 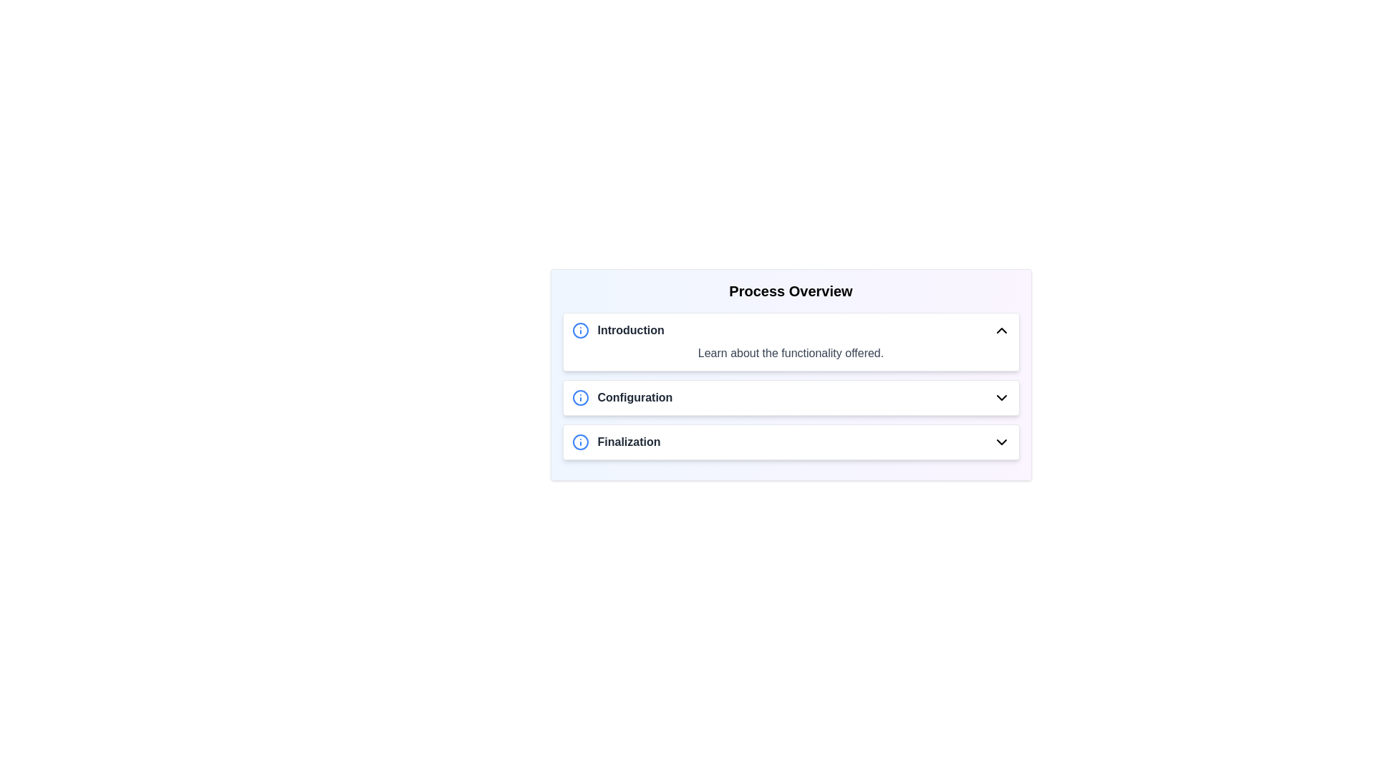 I want to click on the down-facing chevron icon on the right end of the 'Finalization' bar, so click(x=1000, y=441).